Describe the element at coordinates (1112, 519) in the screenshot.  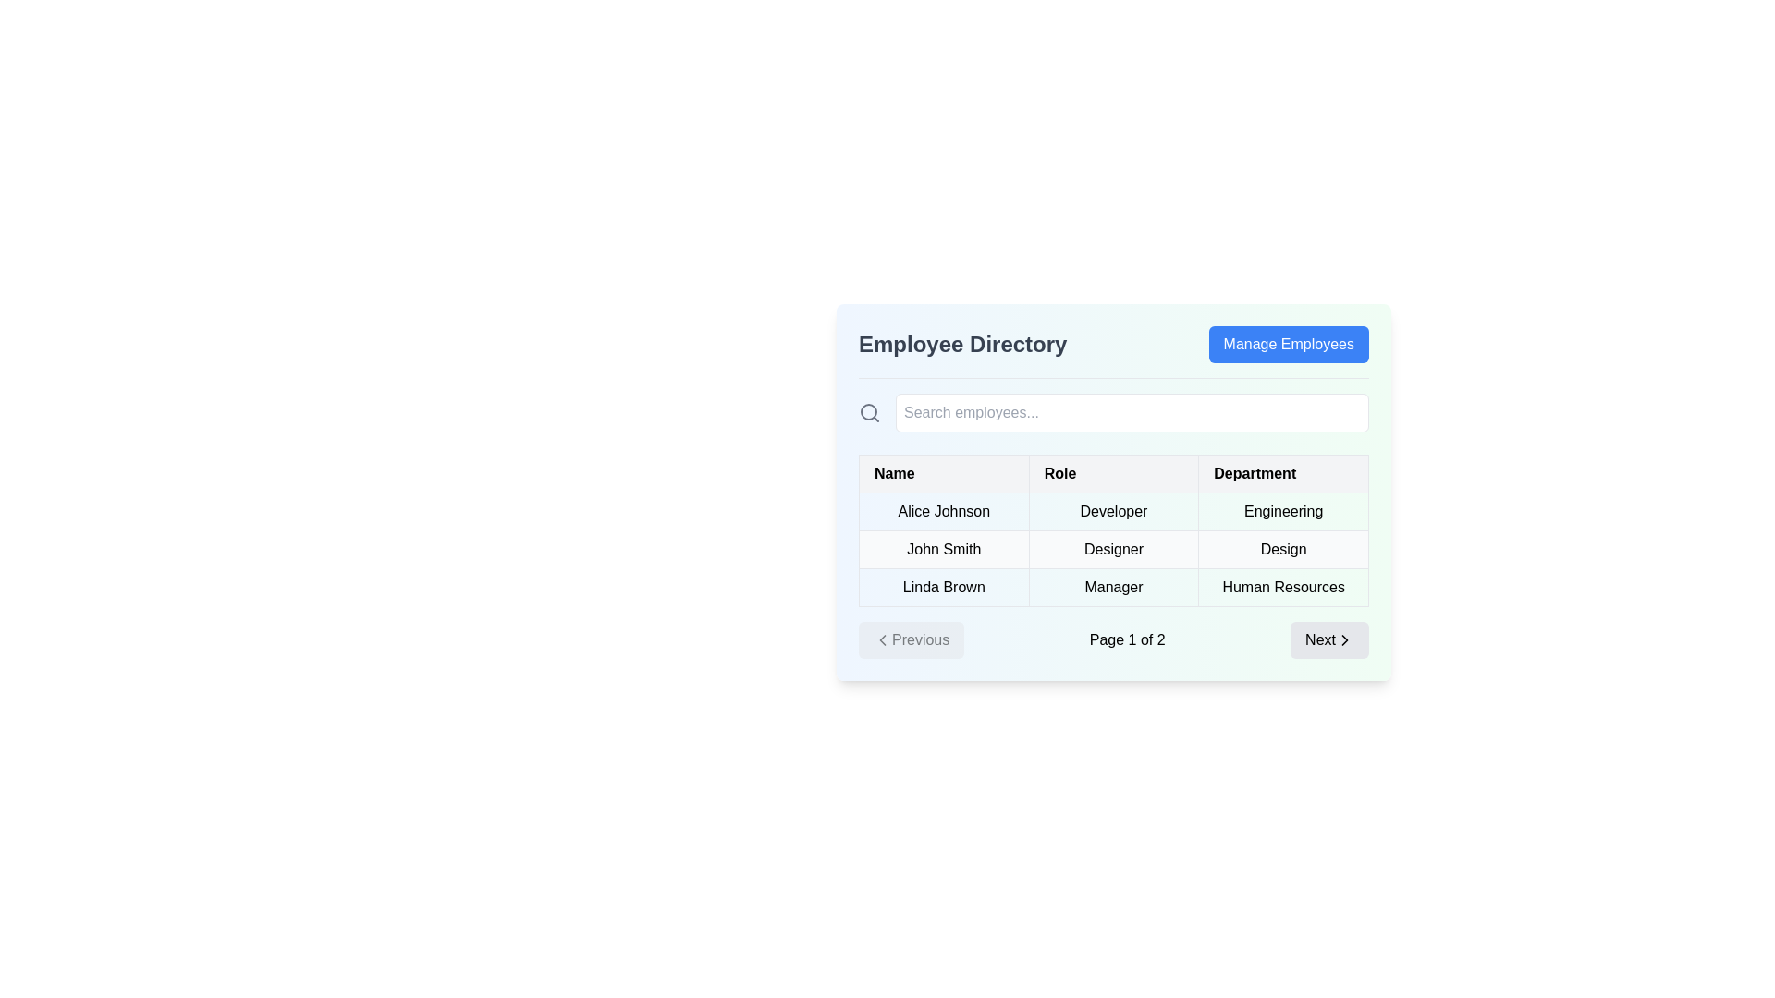
I see `the table cell that contains the text 'Developer' located in the second column of the first row of the employee directory interface` at that location.